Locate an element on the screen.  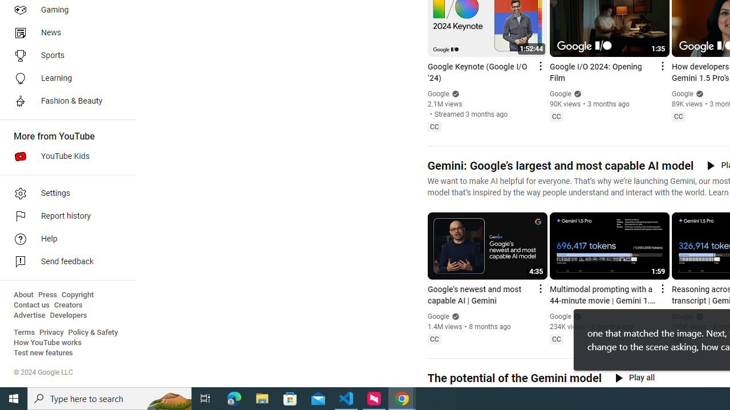
'Action menu' is located at coordinates (662, 288).